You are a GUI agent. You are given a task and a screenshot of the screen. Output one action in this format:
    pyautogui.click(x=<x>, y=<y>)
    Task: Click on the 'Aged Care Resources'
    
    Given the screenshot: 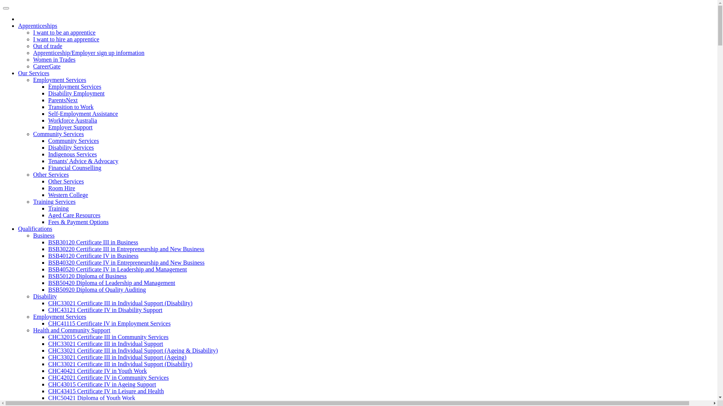 What is the action you would take?
    pyautogui.click(x=48, y=215)
    